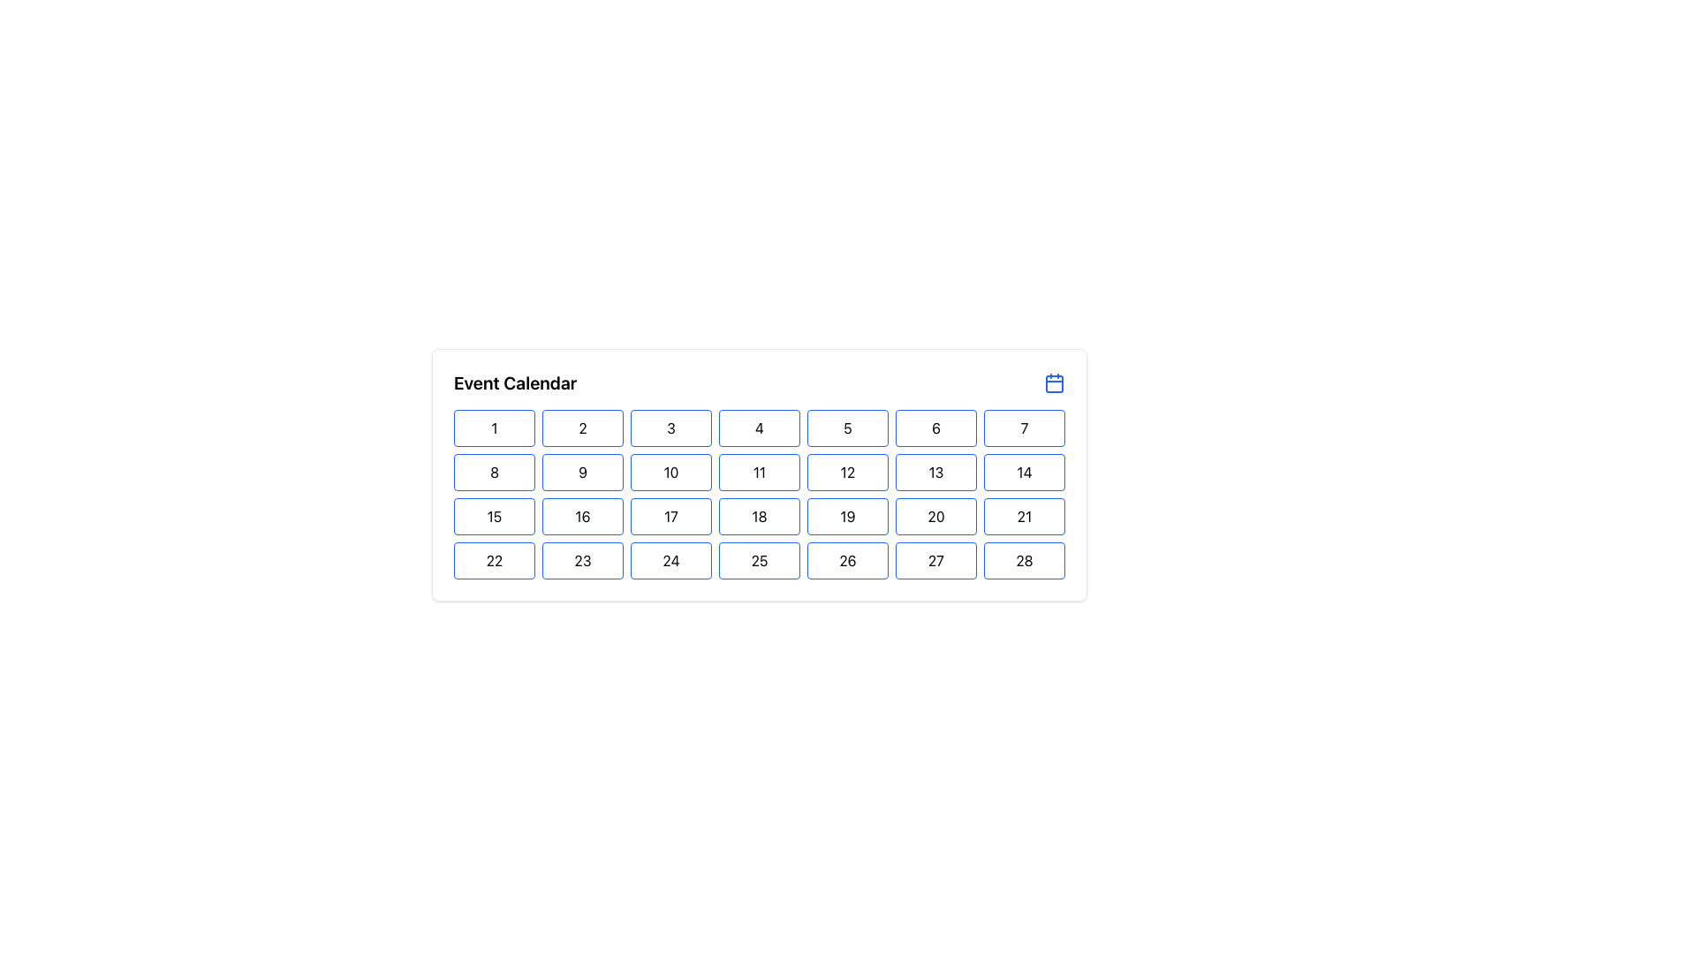  What do you see at coordinates (1025, 428) in the screenshot?
I see `the button with a blue border and rounded corners containing the text '7' in the calendar grid` at bounding box center [1025, 428].